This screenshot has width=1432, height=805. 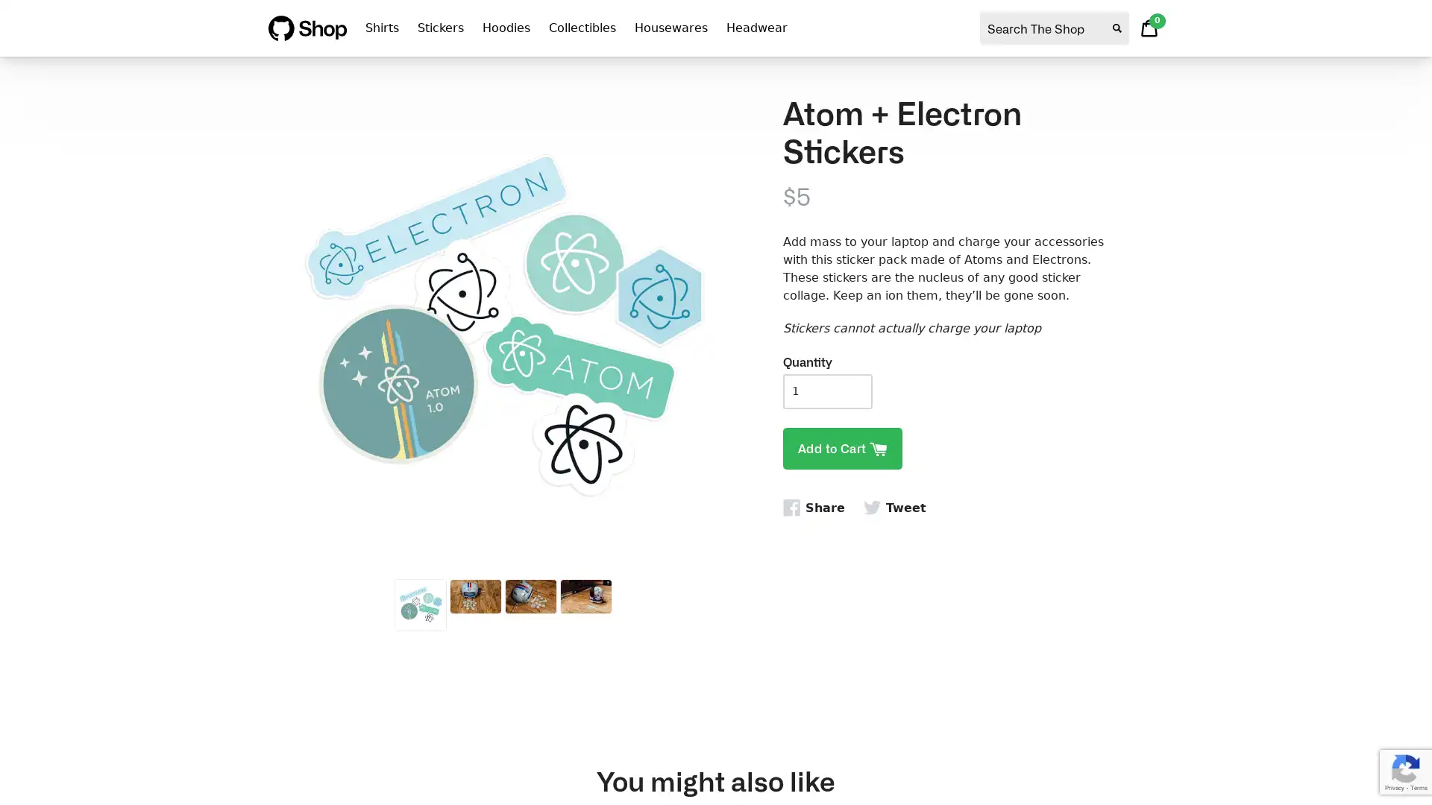 I want to click on Add to Cart, so click(x=842, y=447).